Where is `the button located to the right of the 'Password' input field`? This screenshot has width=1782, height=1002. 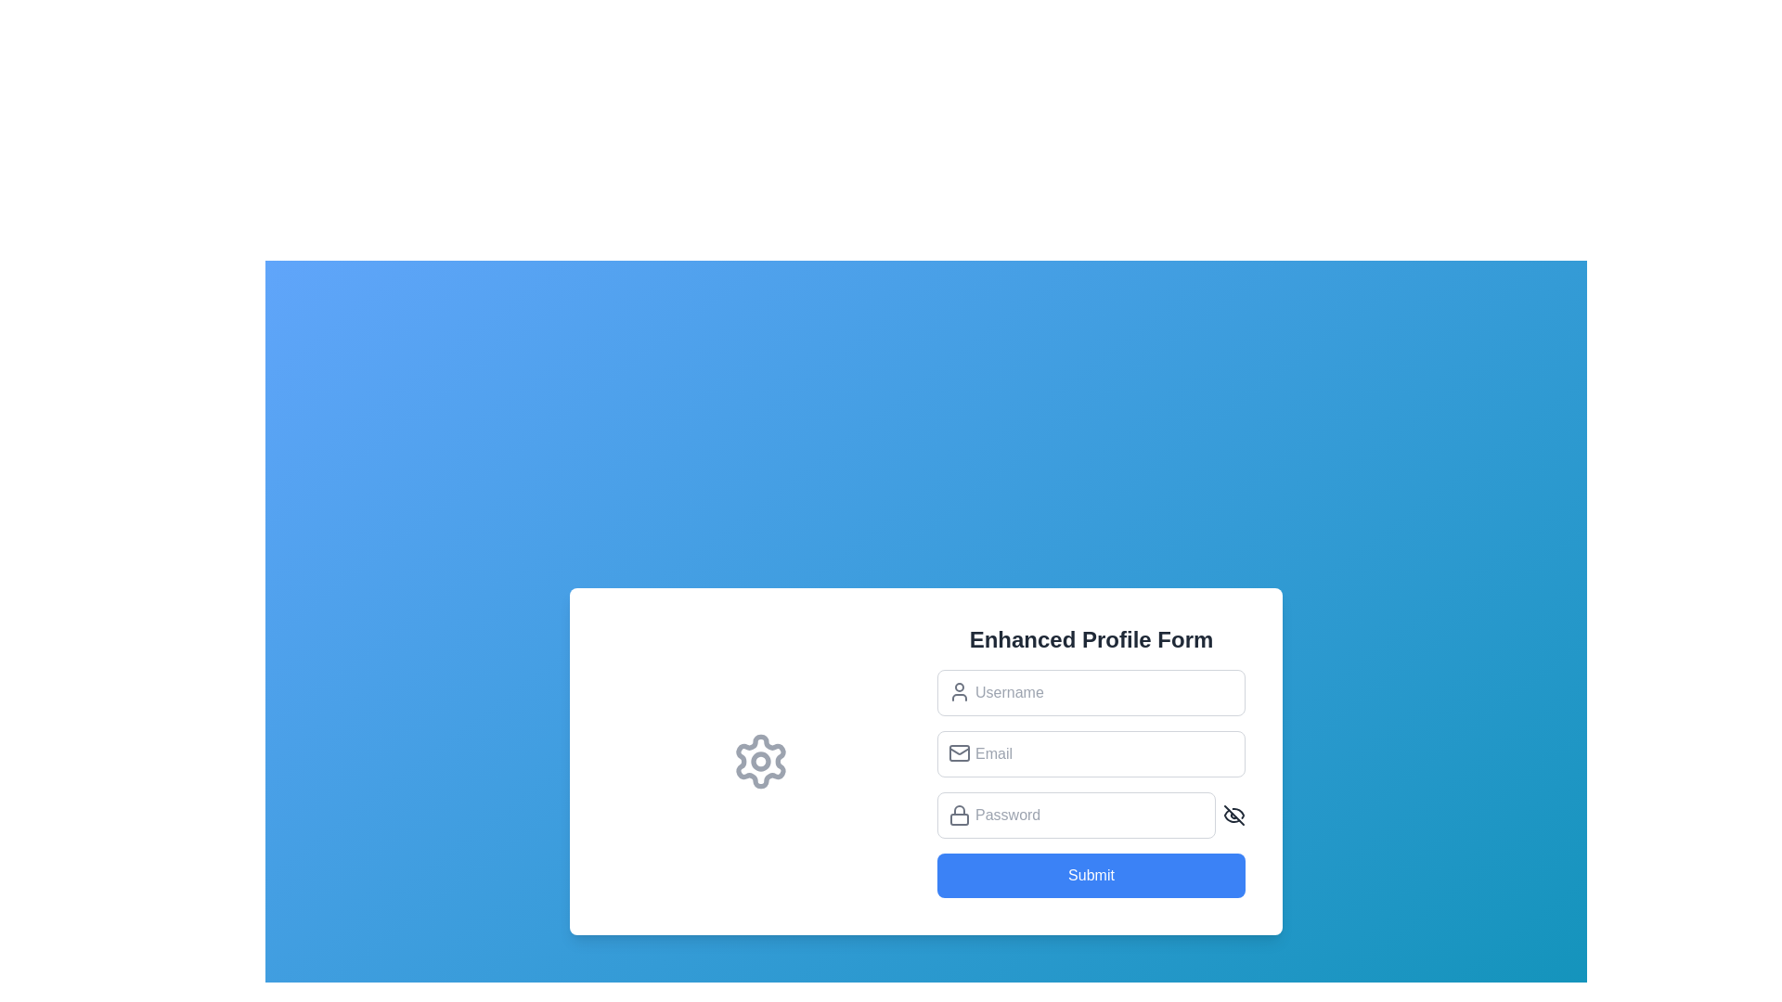
the button located to the right of the 'Password' input field is located at coordinates (1233, 815).